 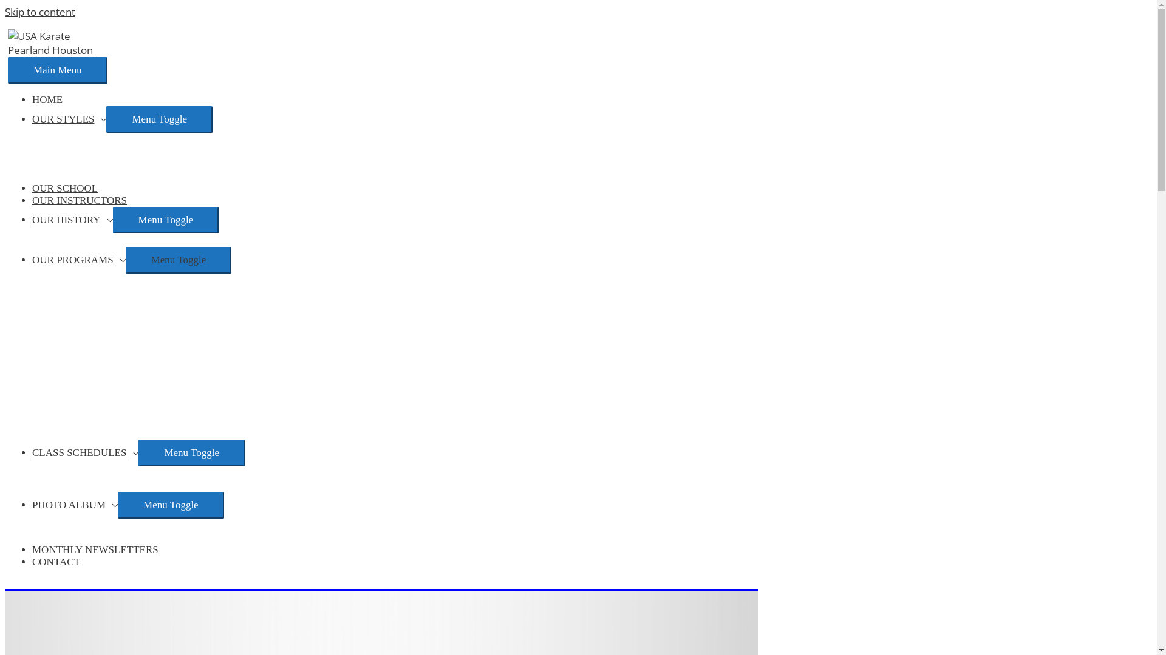 I want to click on 'Menu Toggle', so click(x=191, y=453).